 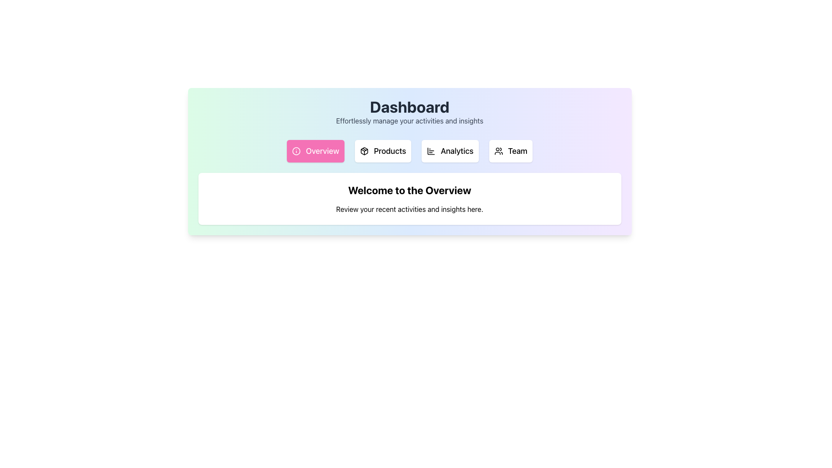 What do you see at coordinates (382, 150) in the screenshot?
I see `the 'Products' navigation button, which is the second button under the 'Dashboard' title, located between the 'Overview' and 'Analytics' buttons` at bounding box center [382, 150].